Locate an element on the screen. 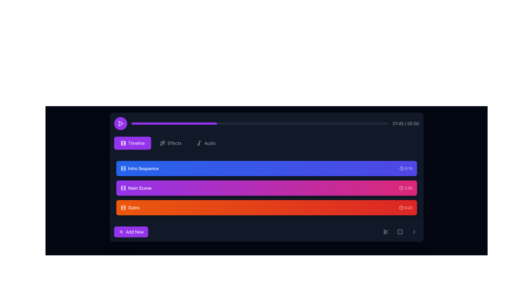 The width and height of the screenshot is (523, 294). the rightmost navigation button located in the bottom right section of the dark user interface panel to proceed to the next step is located at coordinates (414, 232).